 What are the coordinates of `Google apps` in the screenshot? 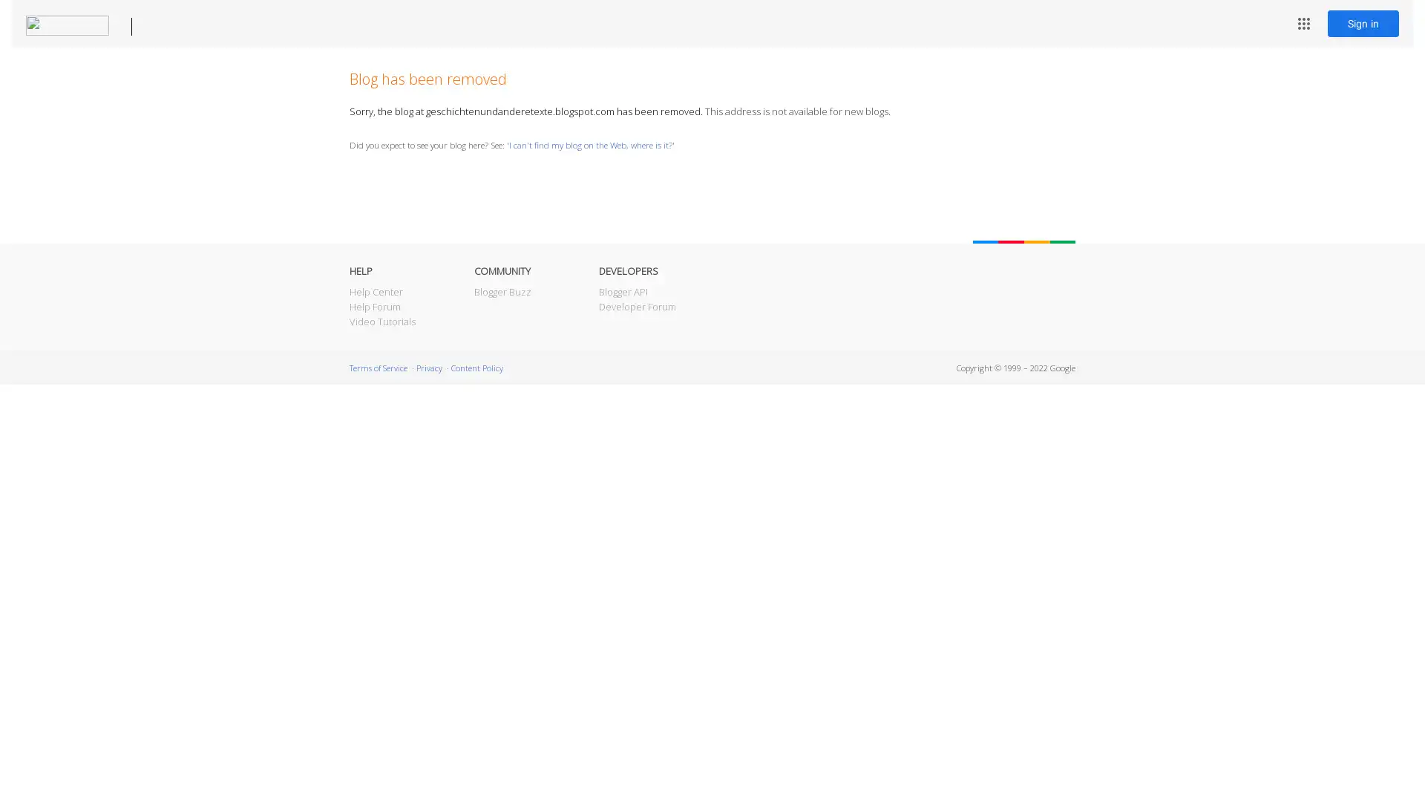 It's located at (1303, 23).